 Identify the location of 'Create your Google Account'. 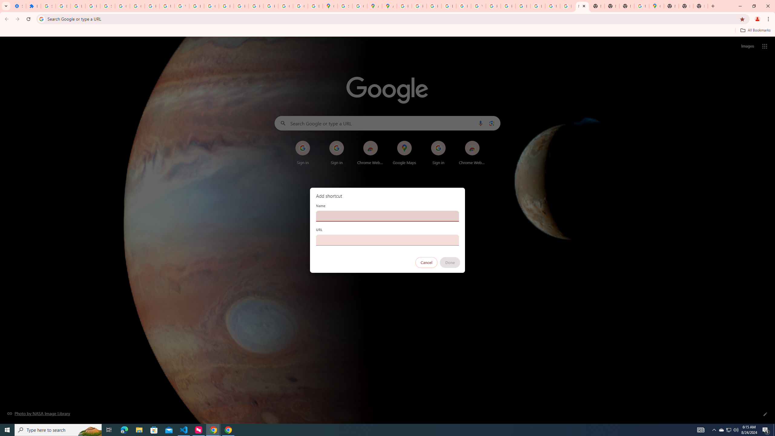
(359, 6).